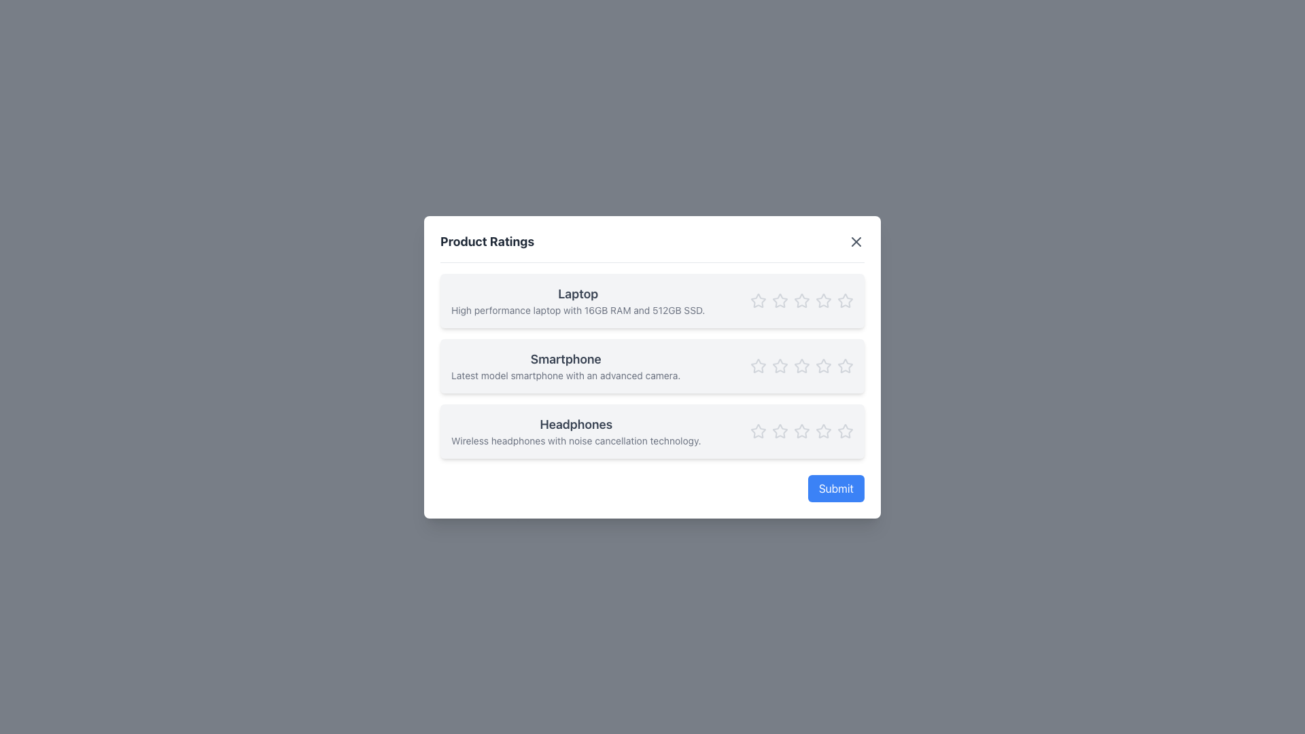  Describe the element at coordinates (822, 300) in the screenshot. I see `the fifth star icon in the rating system for the Laptop product to give a 5-star rating` at that location.